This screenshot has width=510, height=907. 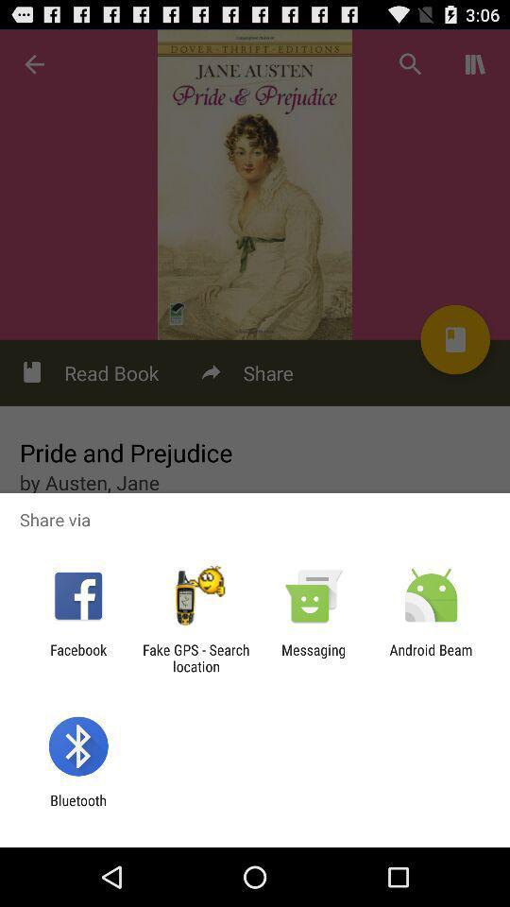 I want to click on the item next to the messaging item, so click(x=431, y=658).